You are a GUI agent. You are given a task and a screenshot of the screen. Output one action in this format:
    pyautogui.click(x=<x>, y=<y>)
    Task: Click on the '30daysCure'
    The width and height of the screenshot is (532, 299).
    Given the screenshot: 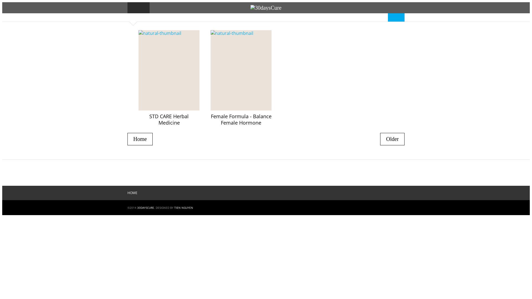 What is the action you would take?
    pyautogui.click(x=266, y=7)
    